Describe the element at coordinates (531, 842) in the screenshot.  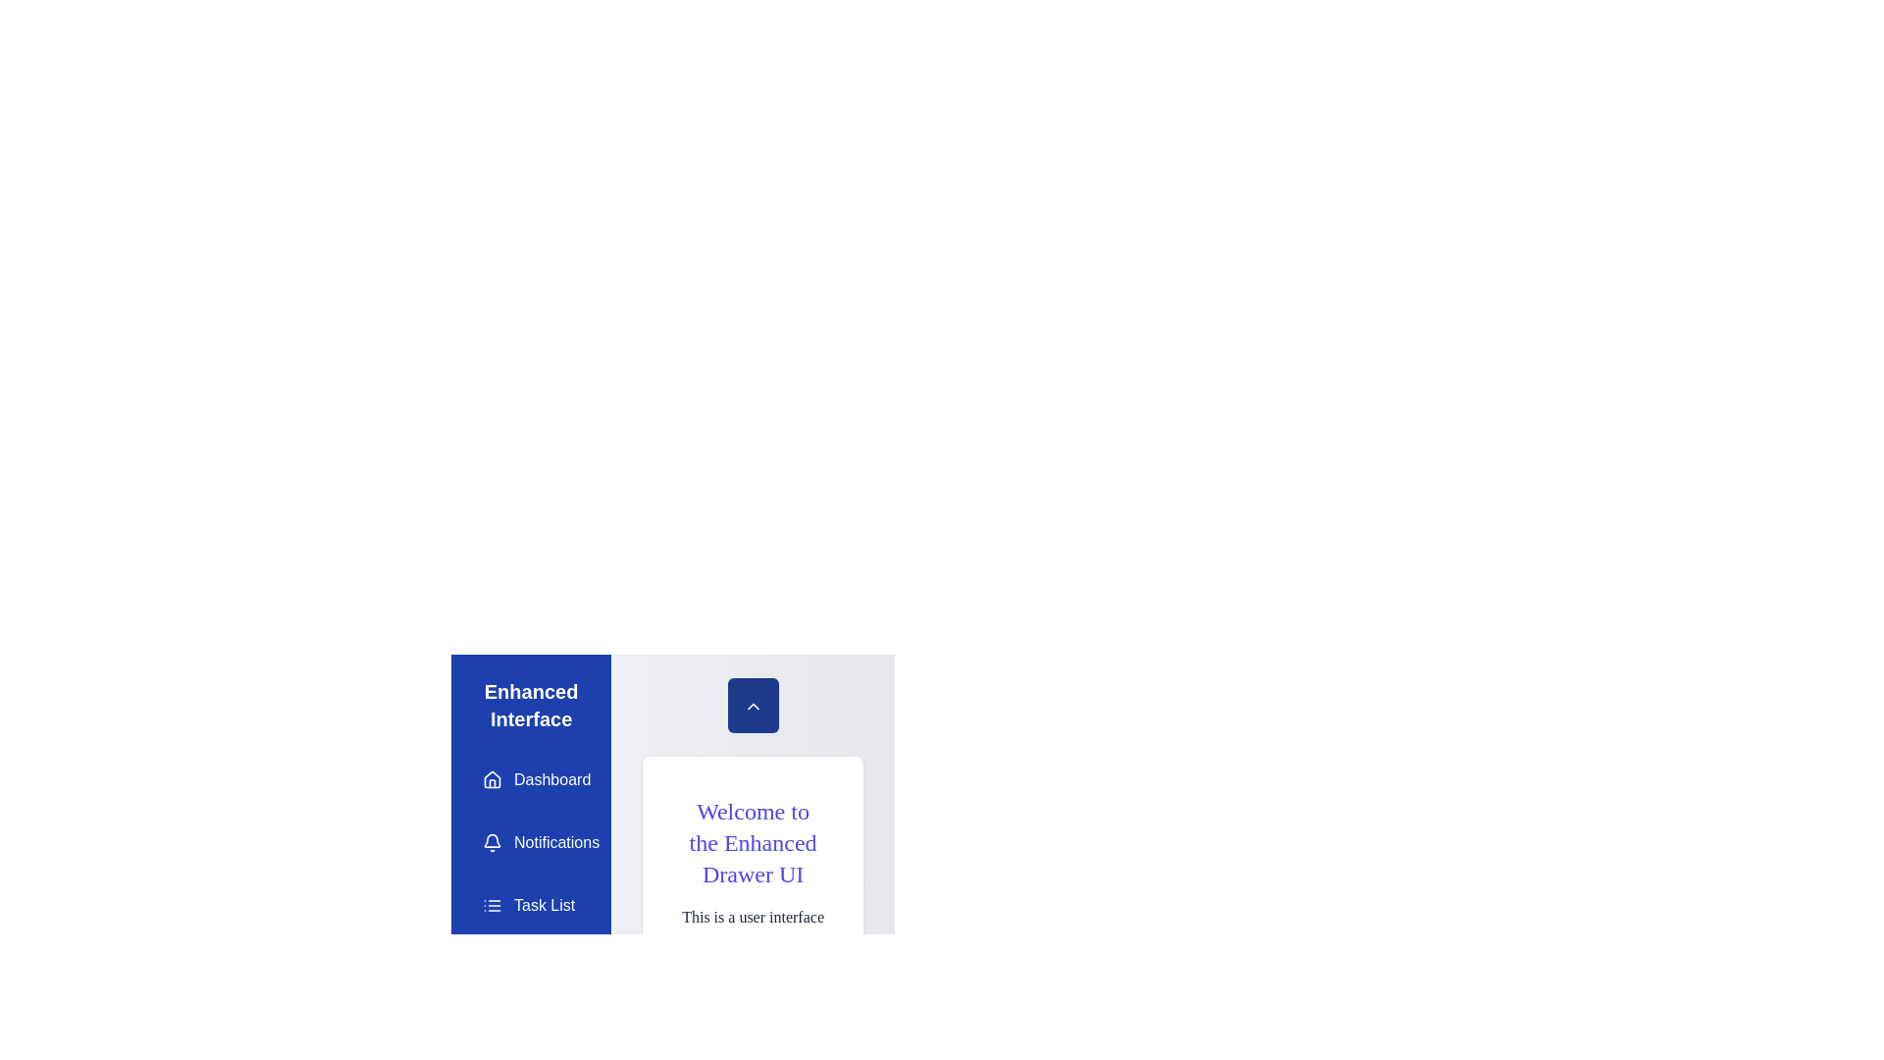
I see `the drawer item Notifications to navigate` at that location.